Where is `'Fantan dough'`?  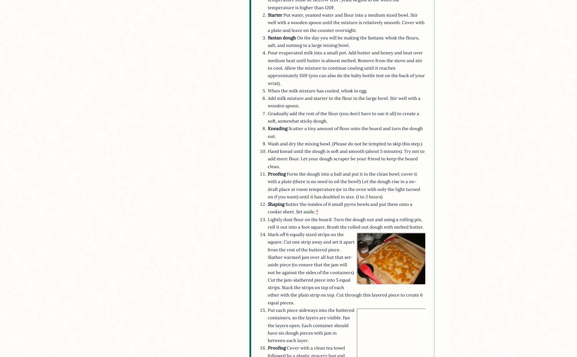 'Fantan dough' is located at coordinates (281, 37).